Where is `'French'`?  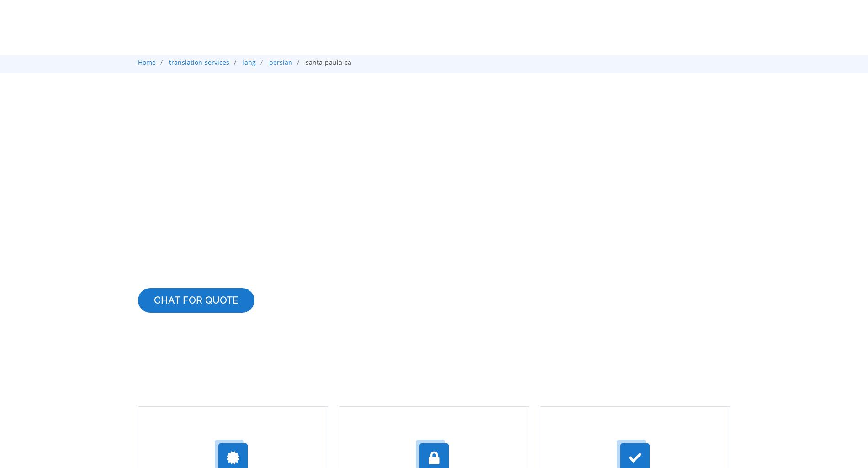
'French' is located at coordinates (586, 302).